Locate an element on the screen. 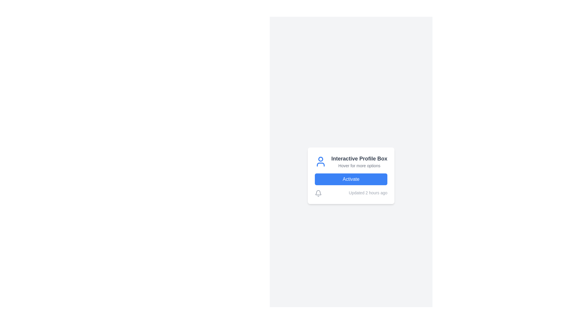 Image resolution: width=566 pixels, height=318 pixels. the informational text block that reads 'Interactive Profile Box' and 'Hover for more options', located centrally in the card layout below the user icon and above the 'Activate' button is located at coordinates (359, 161).